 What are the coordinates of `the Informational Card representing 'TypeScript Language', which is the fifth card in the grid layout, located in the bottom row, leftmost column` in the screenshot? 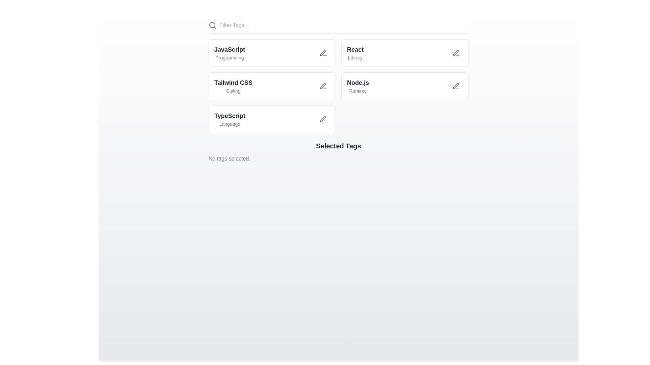 It's located at (272, 119).